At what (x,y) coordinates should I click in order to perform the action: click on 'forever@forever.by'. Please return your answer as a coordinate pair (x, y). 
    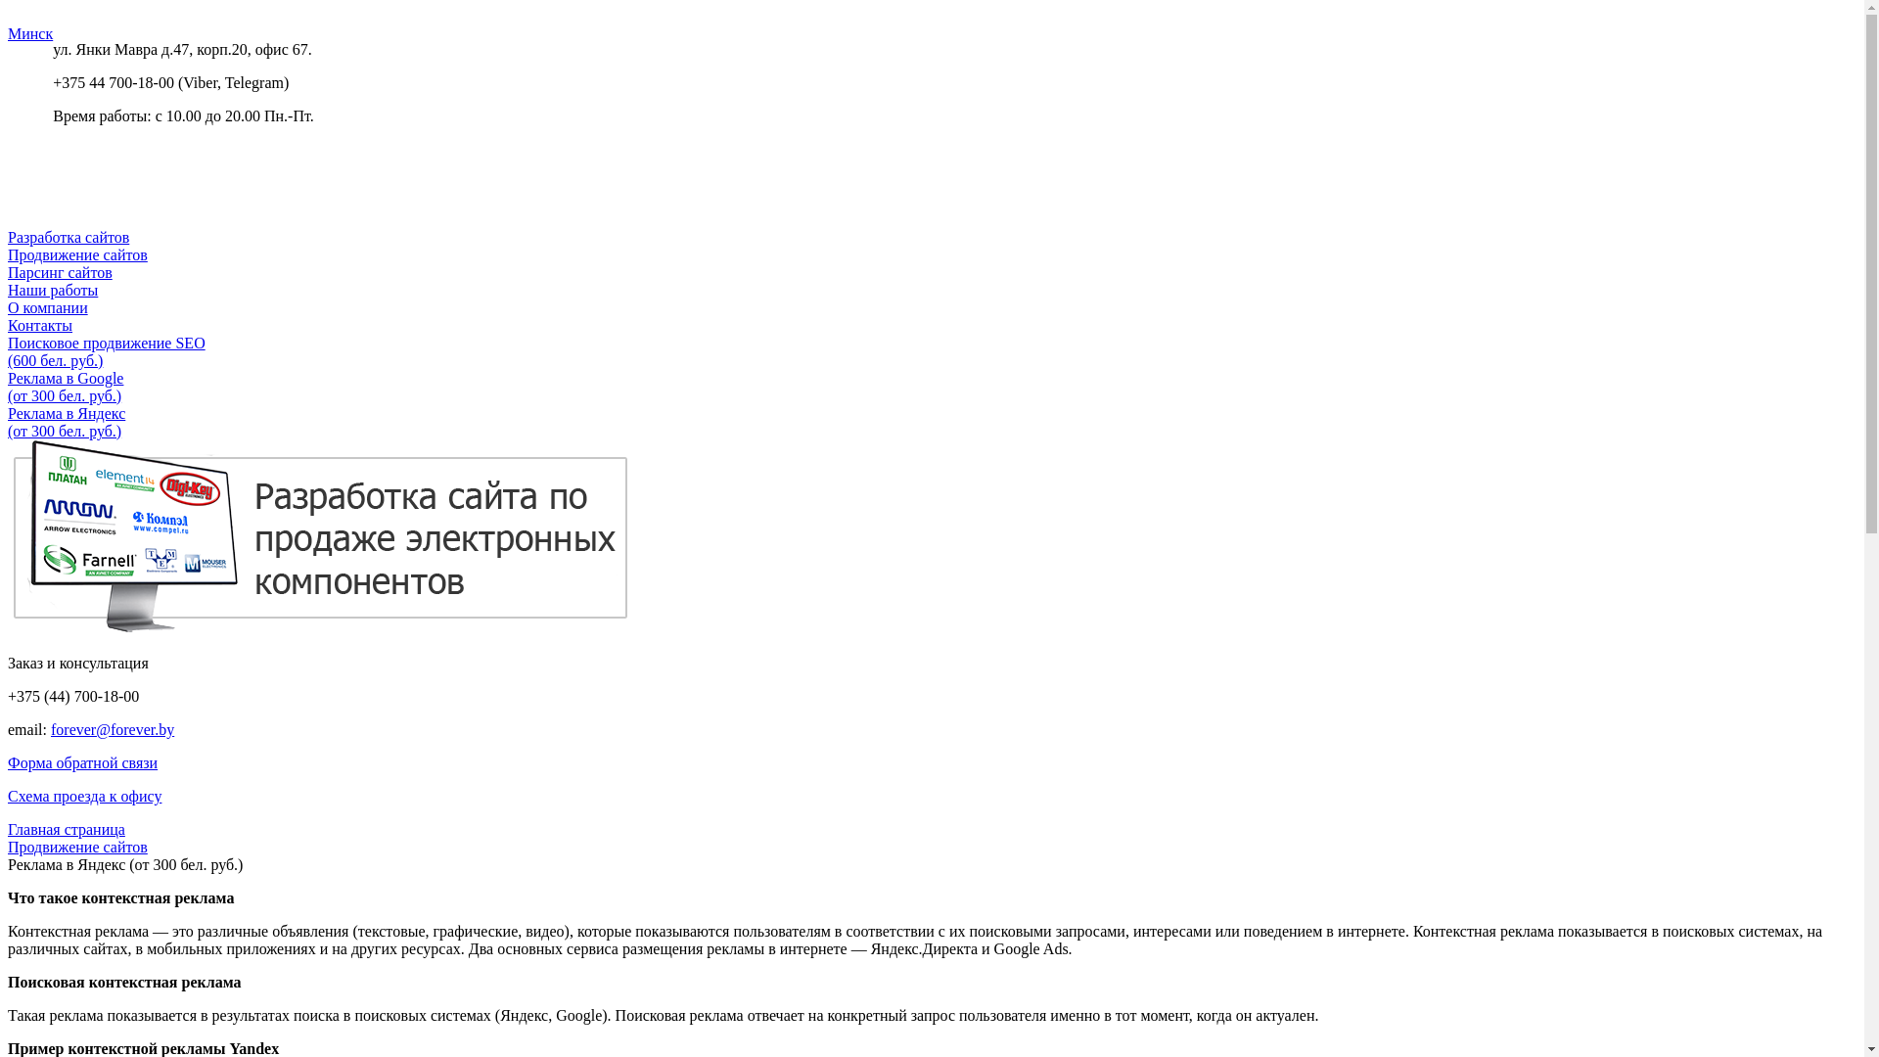
    Looking at the image, I should click on (112, 729).